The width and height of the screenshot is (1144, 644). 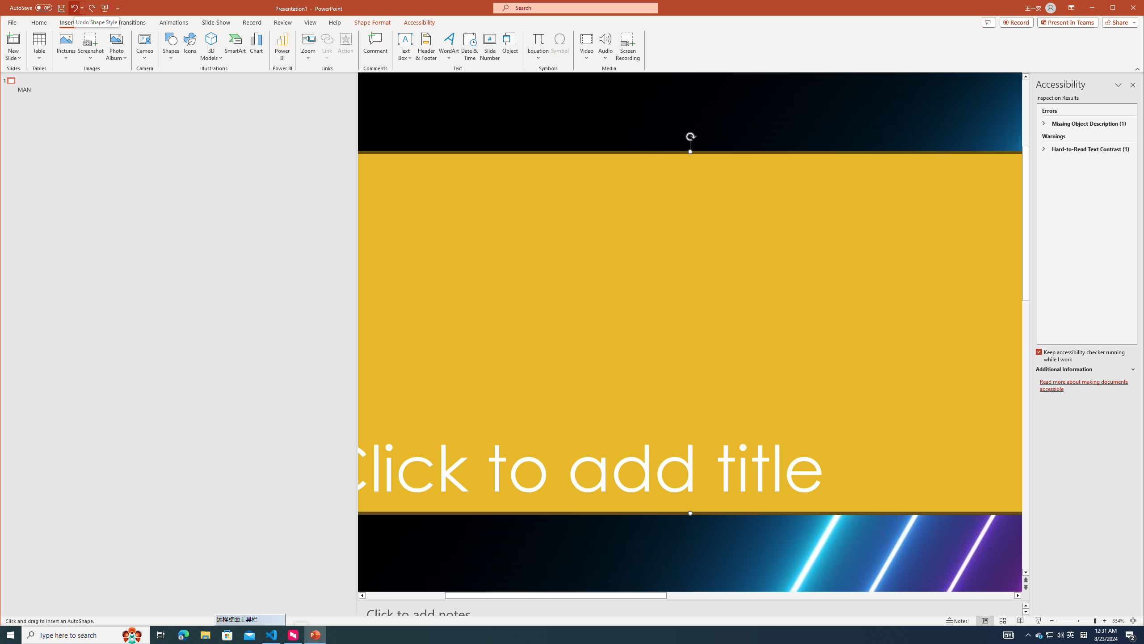 I want to click on 'Maximize', so click(x=1126, y=8).